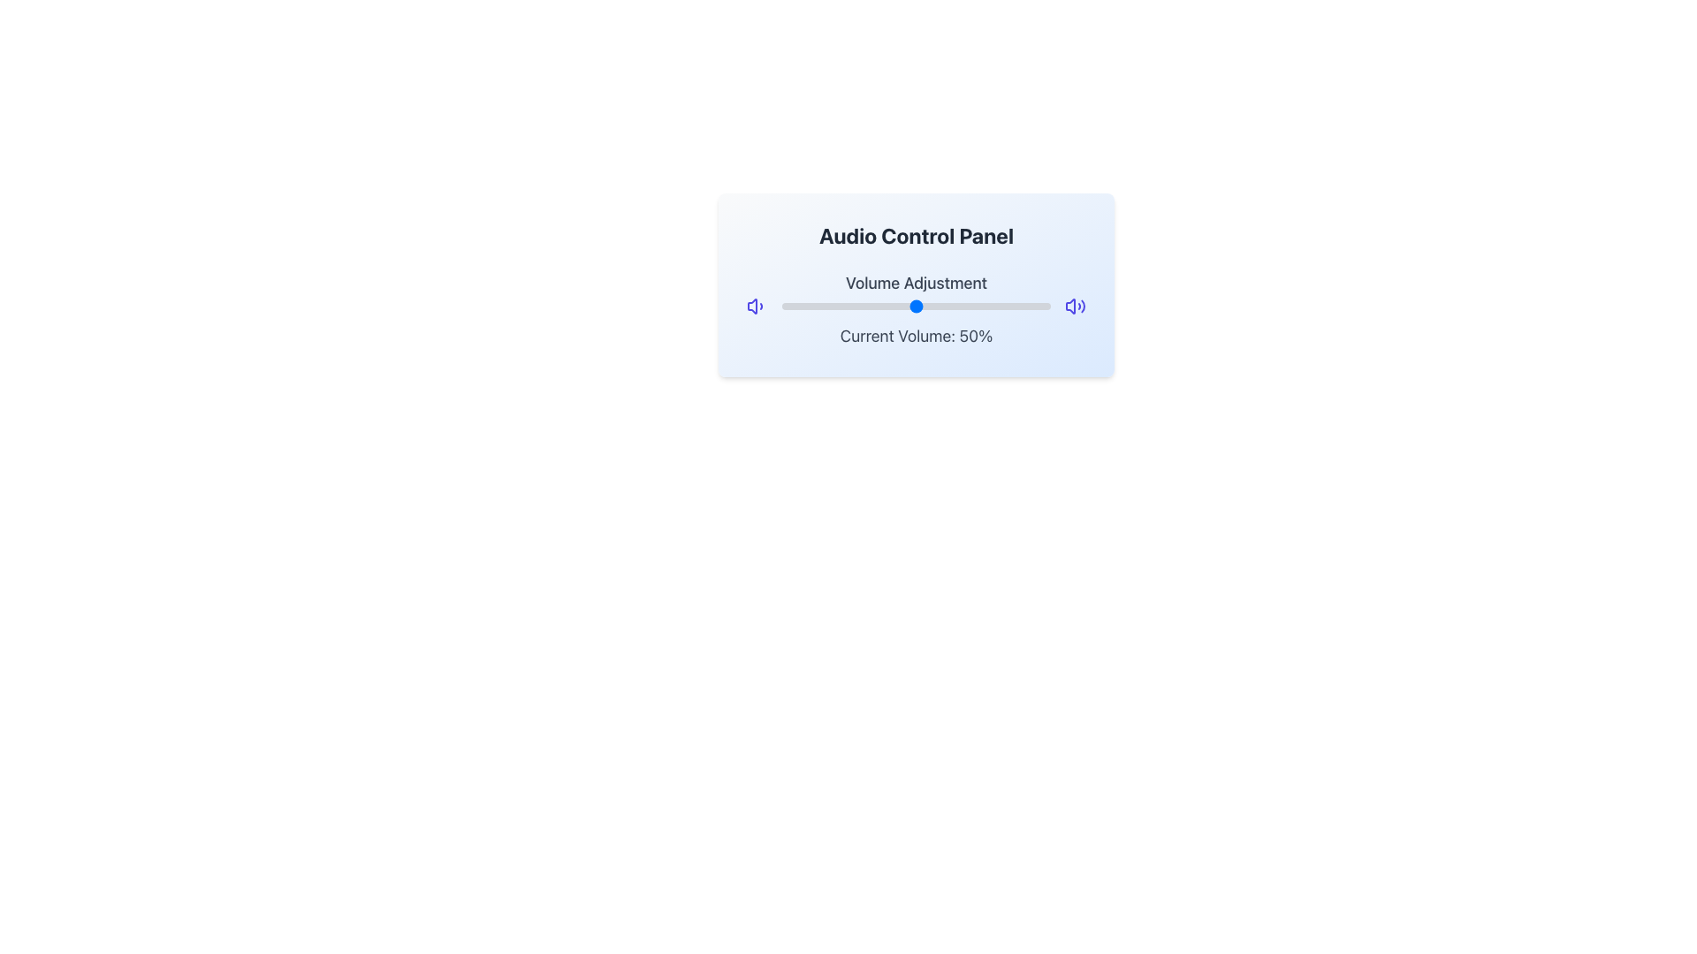 The width and height of the screenshot is (1697, 954). What do you see at coordinates (797, 306) in the screenshot?
I see `the slider` at bounding box center [797, 306].